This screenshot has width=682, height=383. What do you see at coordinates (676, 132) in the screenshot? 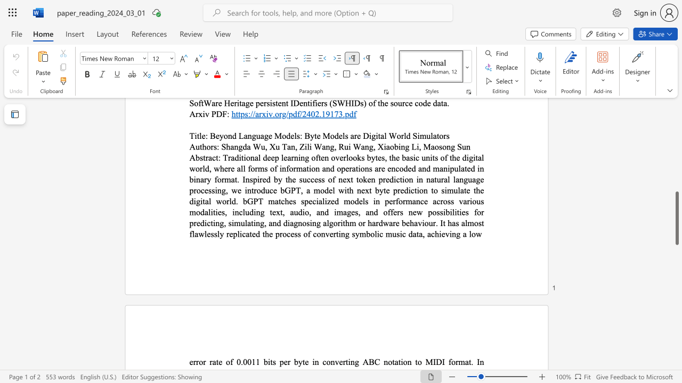
I see `the scrollbar on the right` at bounding box center [676, 132].